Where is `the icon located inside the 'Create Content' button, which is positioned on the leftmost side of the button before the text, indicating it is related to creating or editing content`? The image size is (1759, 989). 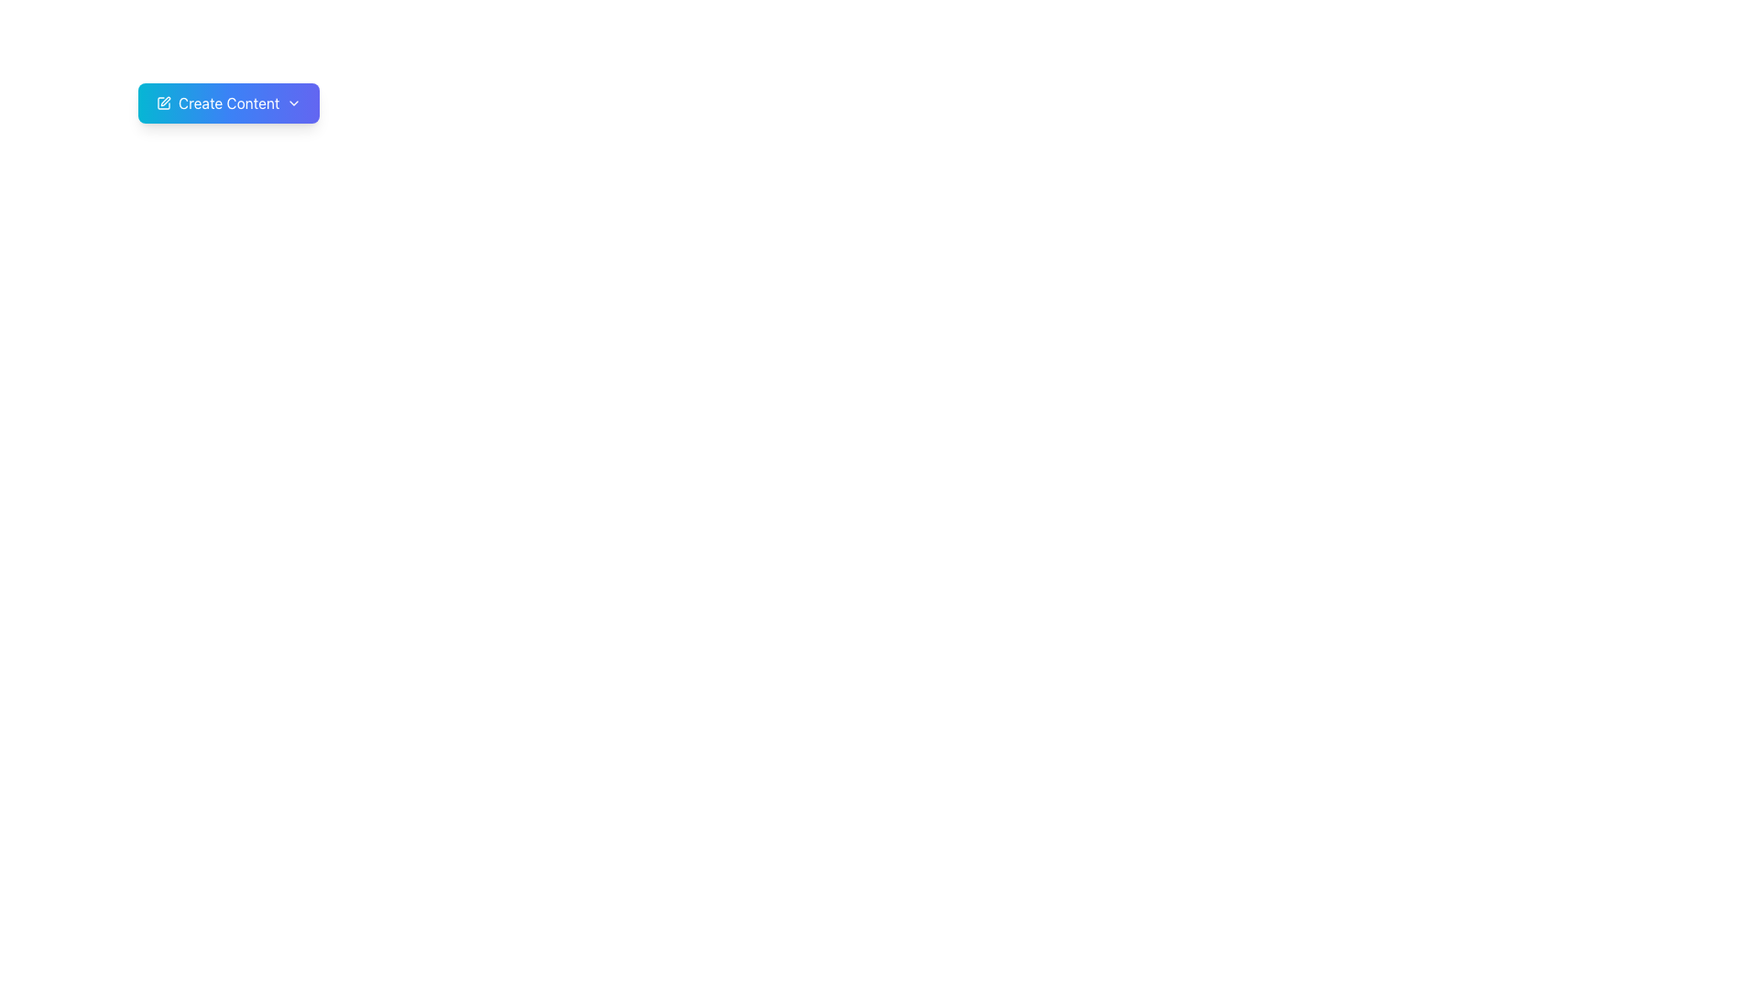 the icon located inside the 'Create Content' button, which is positioned on the leftmost side of the button before the text, indicating it is related to creating or editing content is located at coordinates (163, 103).